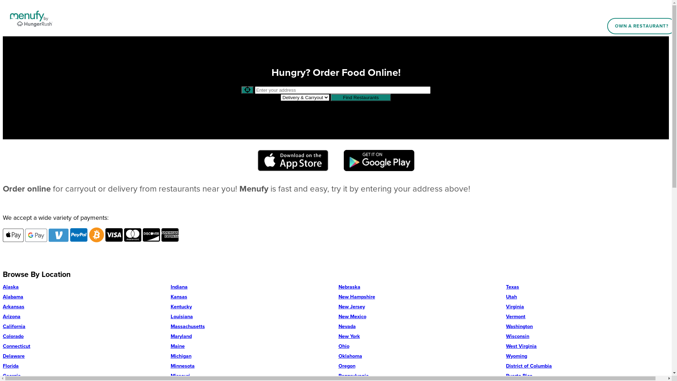 The image size is (677, 381). What do you see at coordinates (133, 235) in the screenshot?
I see `'Accepts Mastercard'` at bounding box center [133, 235].